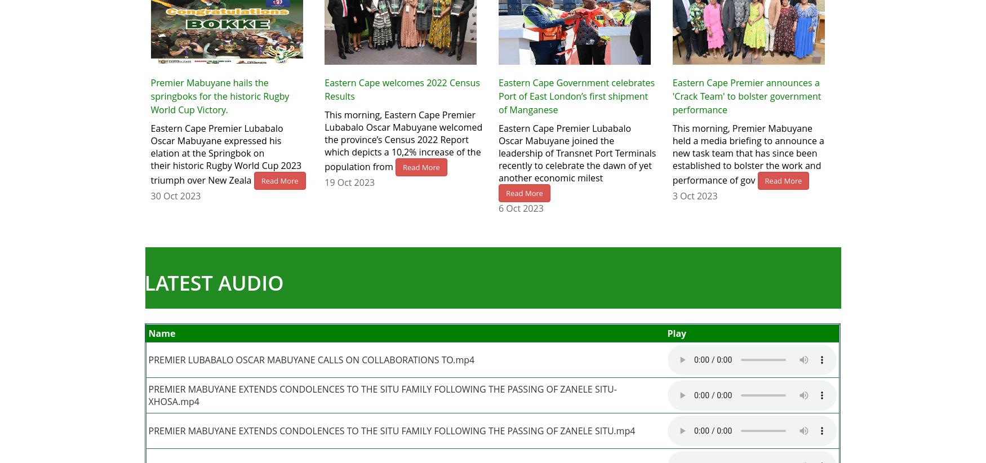 The width and height of the screenshot is (986, 463). What do you see at coordinates (213, 282) in the screenshot?
I see `'LATEST AUDIO'` at bounding box center [213, 282].